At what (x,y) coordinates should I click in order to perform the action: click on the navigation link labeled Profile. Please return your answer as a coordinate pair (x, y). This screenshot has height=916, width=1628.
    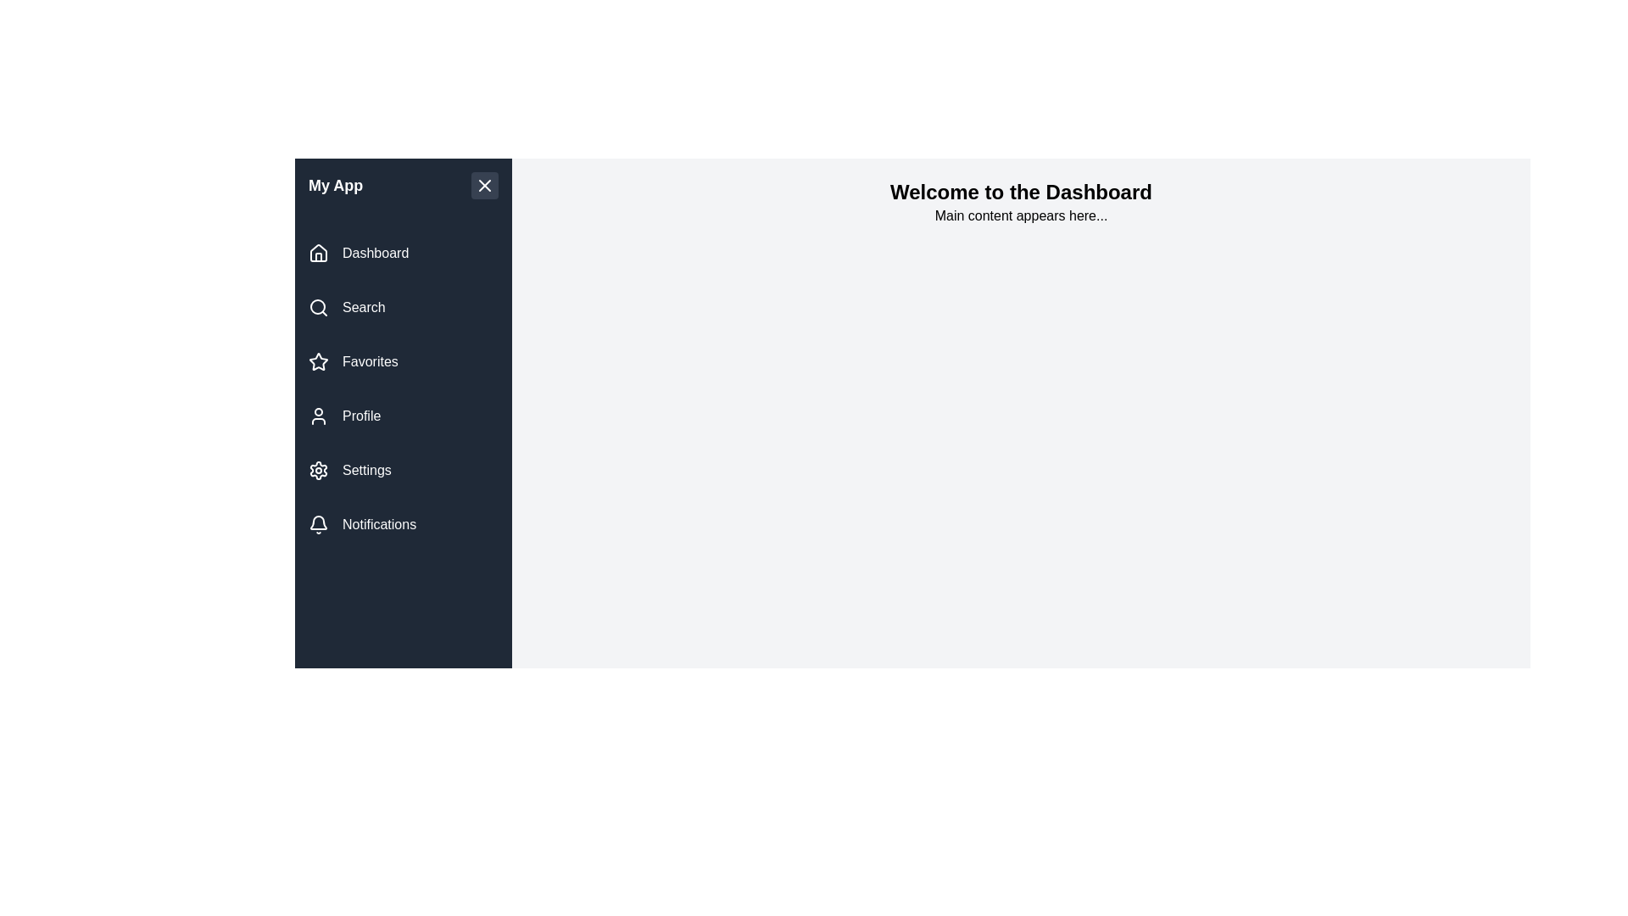
    Looking at the image, I should click on (402, 416).